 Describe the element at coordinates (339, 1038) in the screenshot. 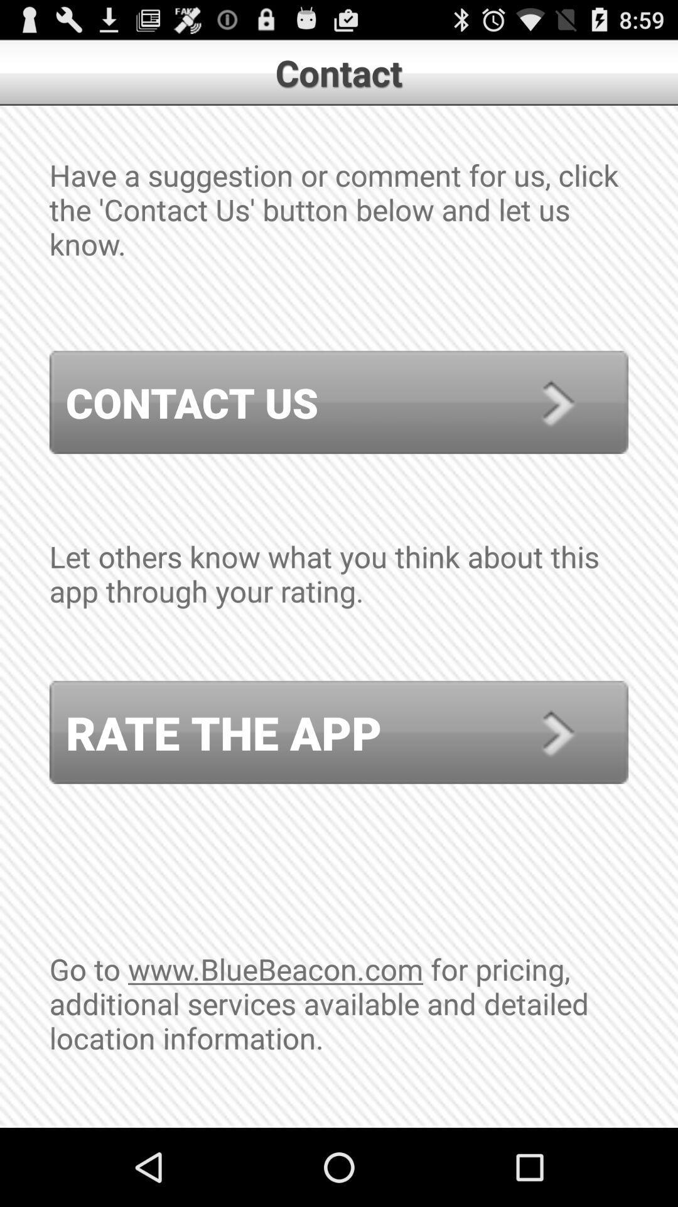

I see `go to www icon` at that location.